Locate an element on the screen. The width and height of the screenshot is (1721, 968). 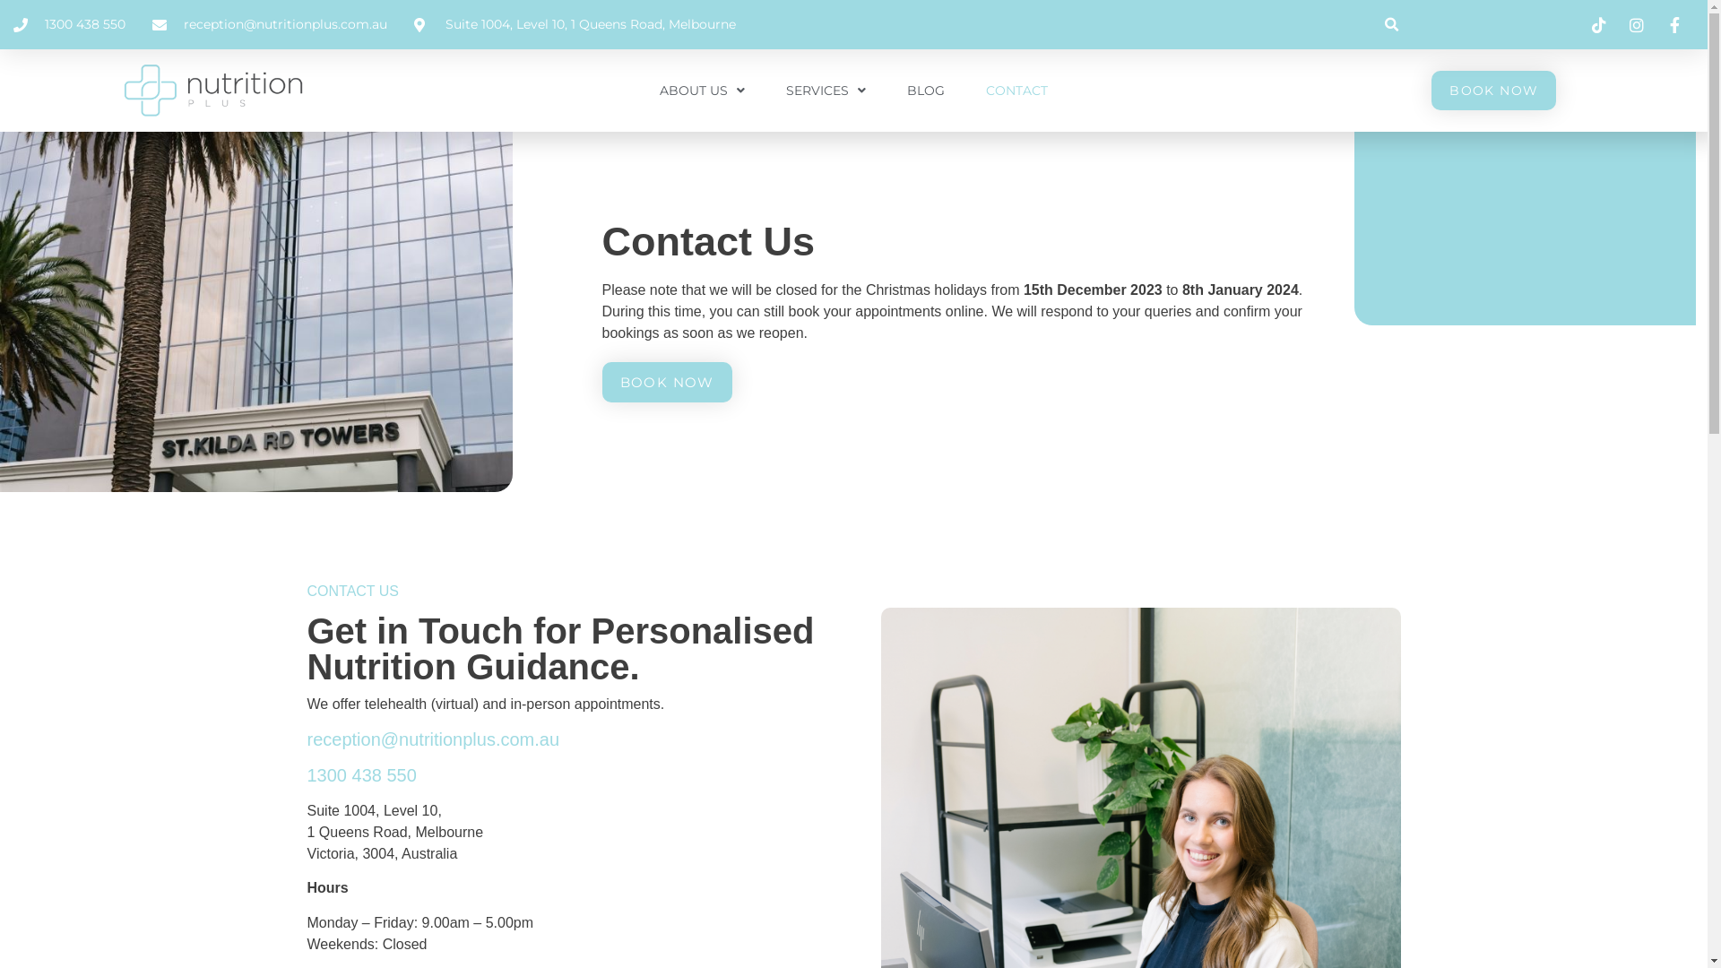
'CONTACT' is located at coordinates (1016, 90).